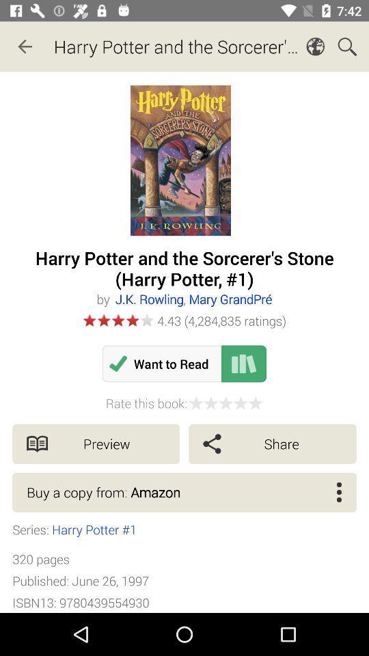 The width and height of the screenshot is (369, 656). Describe the element at coordinates (81, 580) in the screenshot. I see `320 pages published` at that location.